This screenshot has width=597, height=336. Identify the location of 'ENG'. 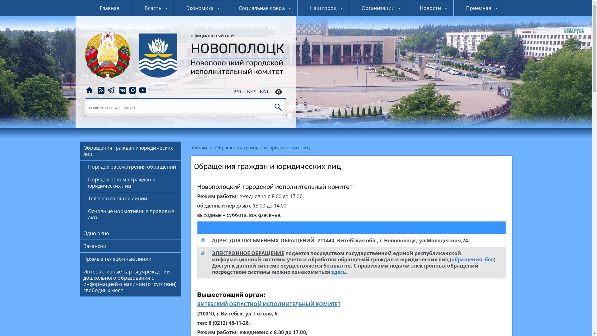
(265, 91).